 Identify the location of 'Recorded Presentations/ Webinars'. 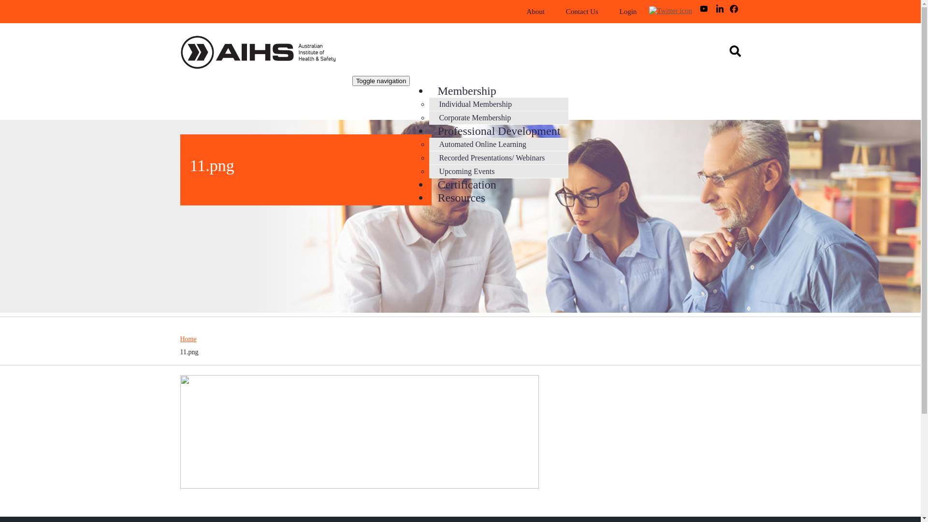
(492, 157).